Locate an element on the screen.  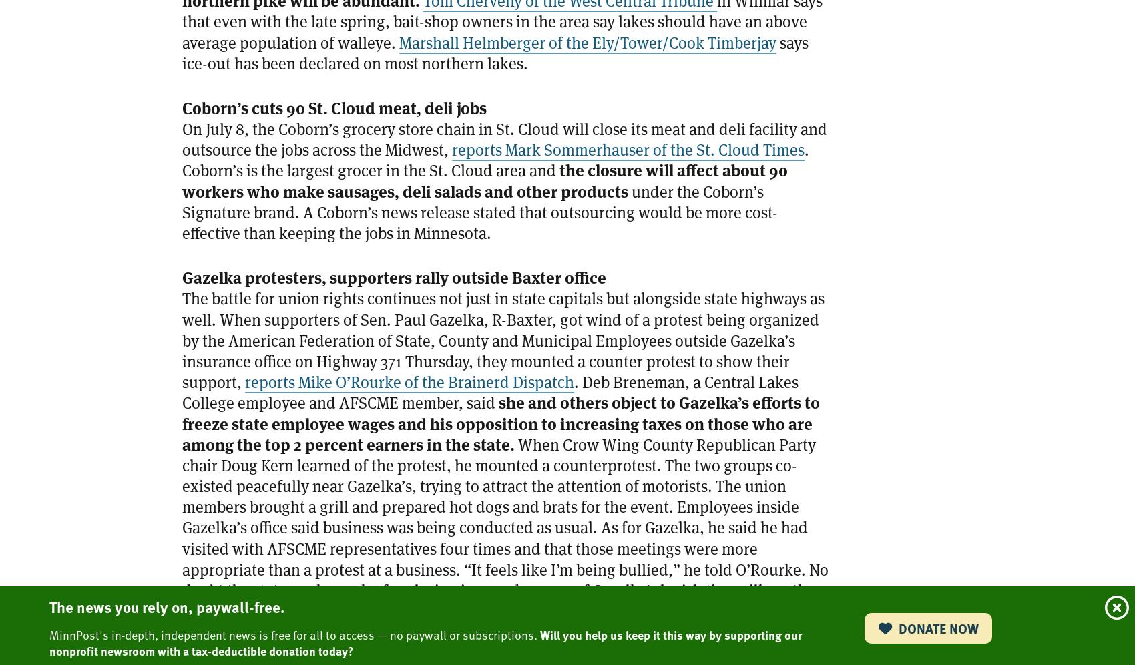
'DONATE NOW' is located at coordinates (936, 628).